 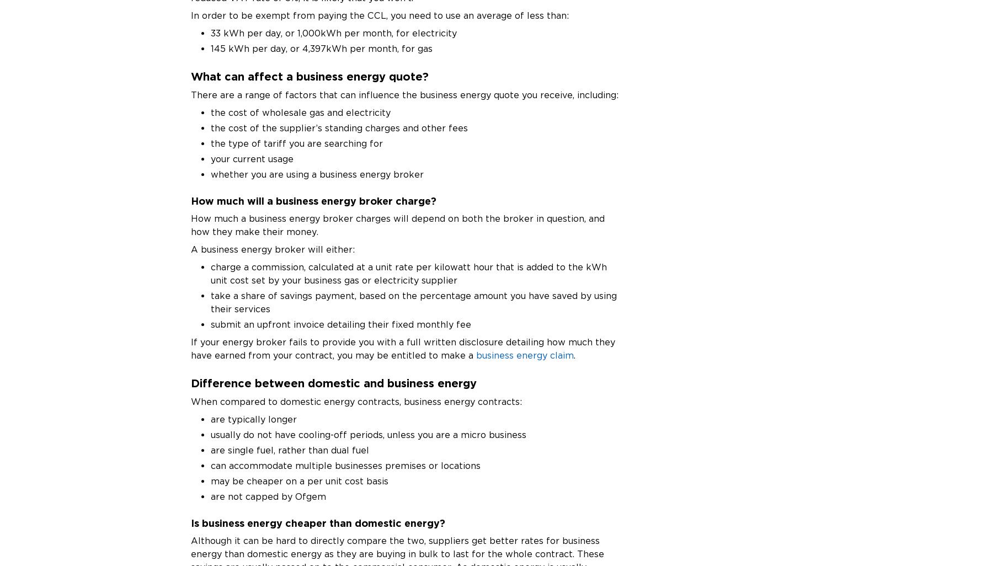 What do you see at coordinates (190, 382) in the screenshot?
I see `'Difference between domestic and business energy'` at bounding box center [190, 382].